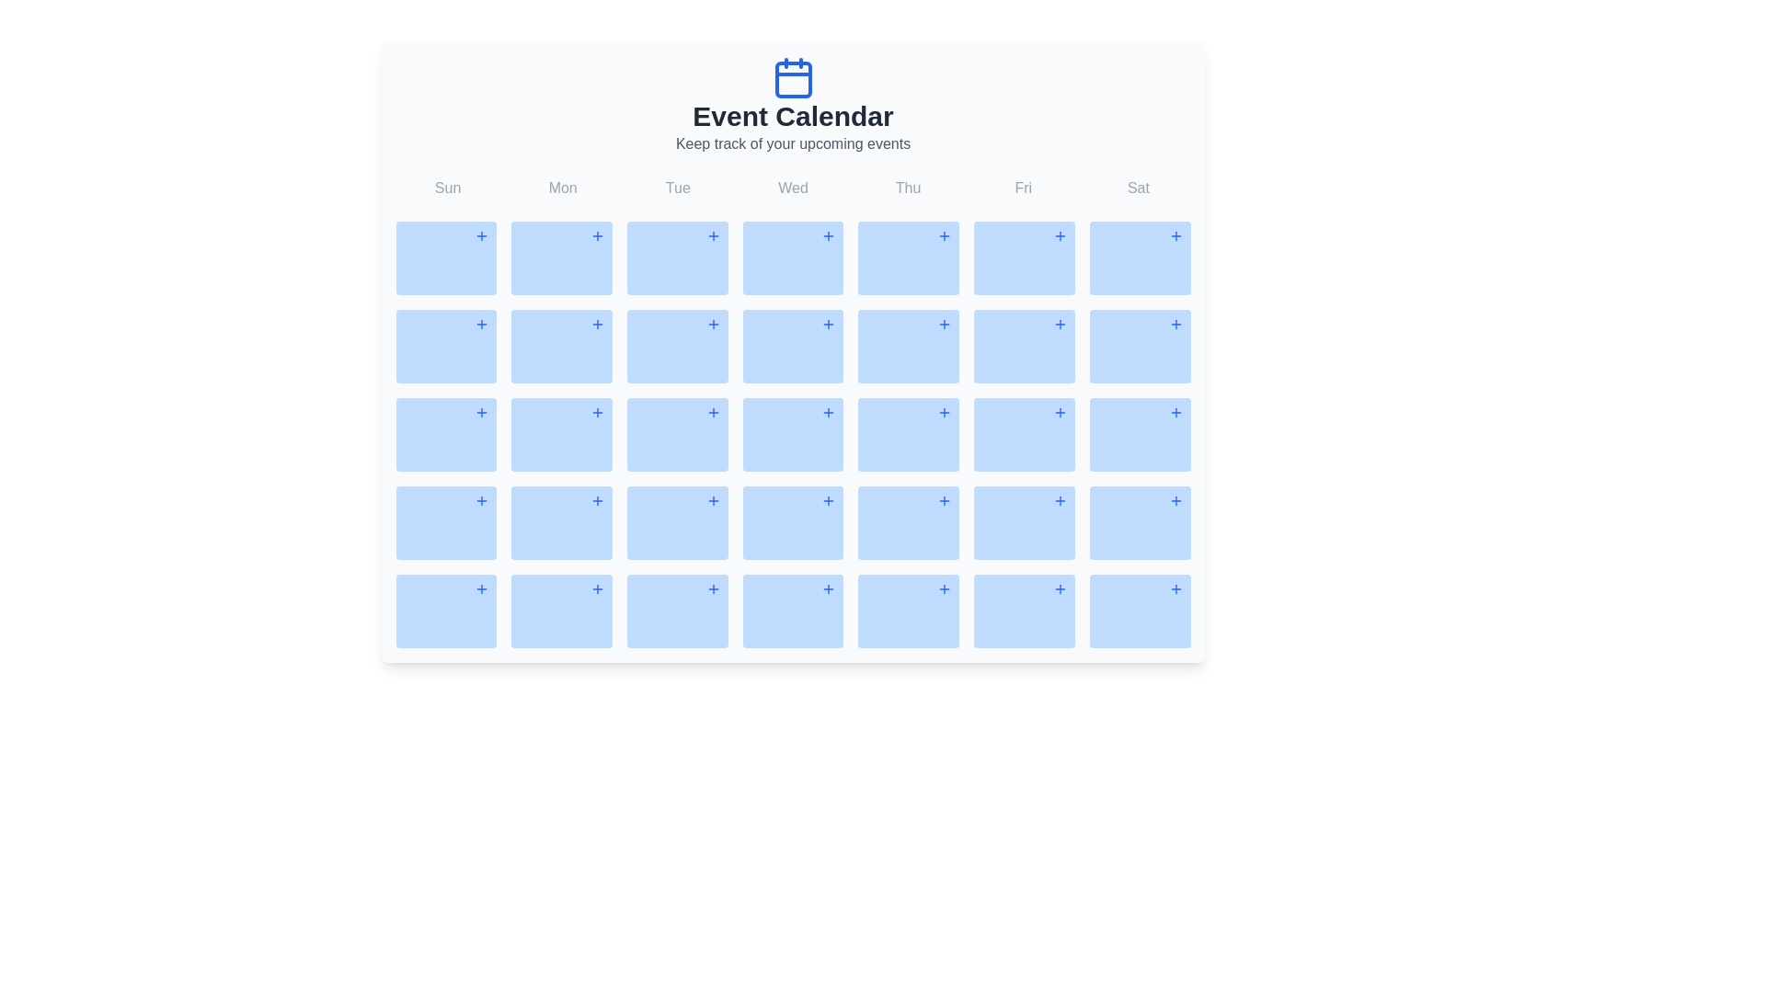 This screenshot has width=1766, height=993. What do you see at coordinates (1023, 347) in the screenshot?
I see `the '+' button located within the interactive card in the sixth column and second row of the grid` at bounding box center [1023, 347].